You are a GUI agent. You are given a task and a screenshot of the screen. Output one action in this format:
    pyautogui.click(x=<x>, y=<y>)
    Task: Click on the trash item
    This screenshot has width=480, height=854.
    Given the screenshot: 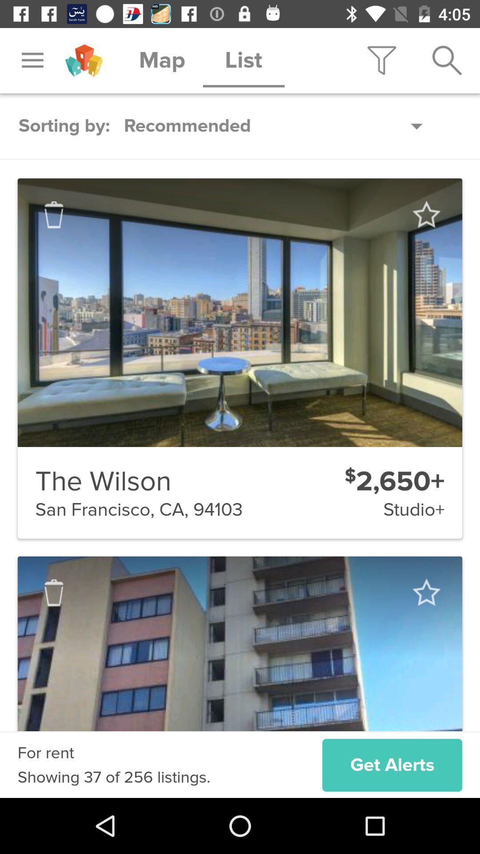 What is the action you would take?
    pyautogui.click(x=54, y=215)
    